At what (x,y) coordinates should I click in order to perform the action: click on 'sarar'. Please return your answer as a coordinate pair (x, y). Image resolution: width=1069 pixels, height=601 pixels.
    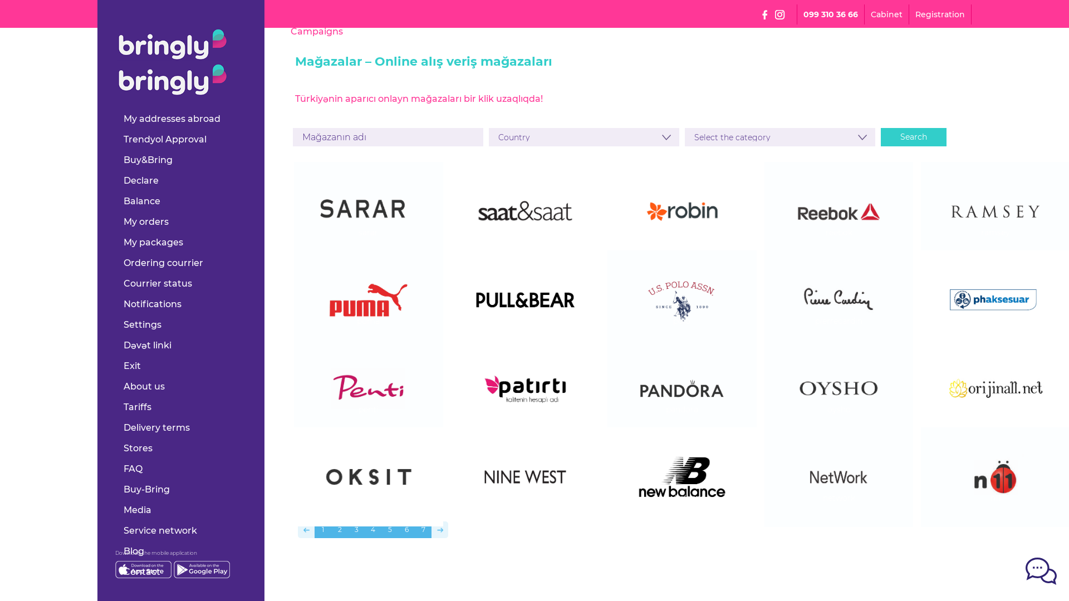
    Looking at the image, I should click on (369, 231).